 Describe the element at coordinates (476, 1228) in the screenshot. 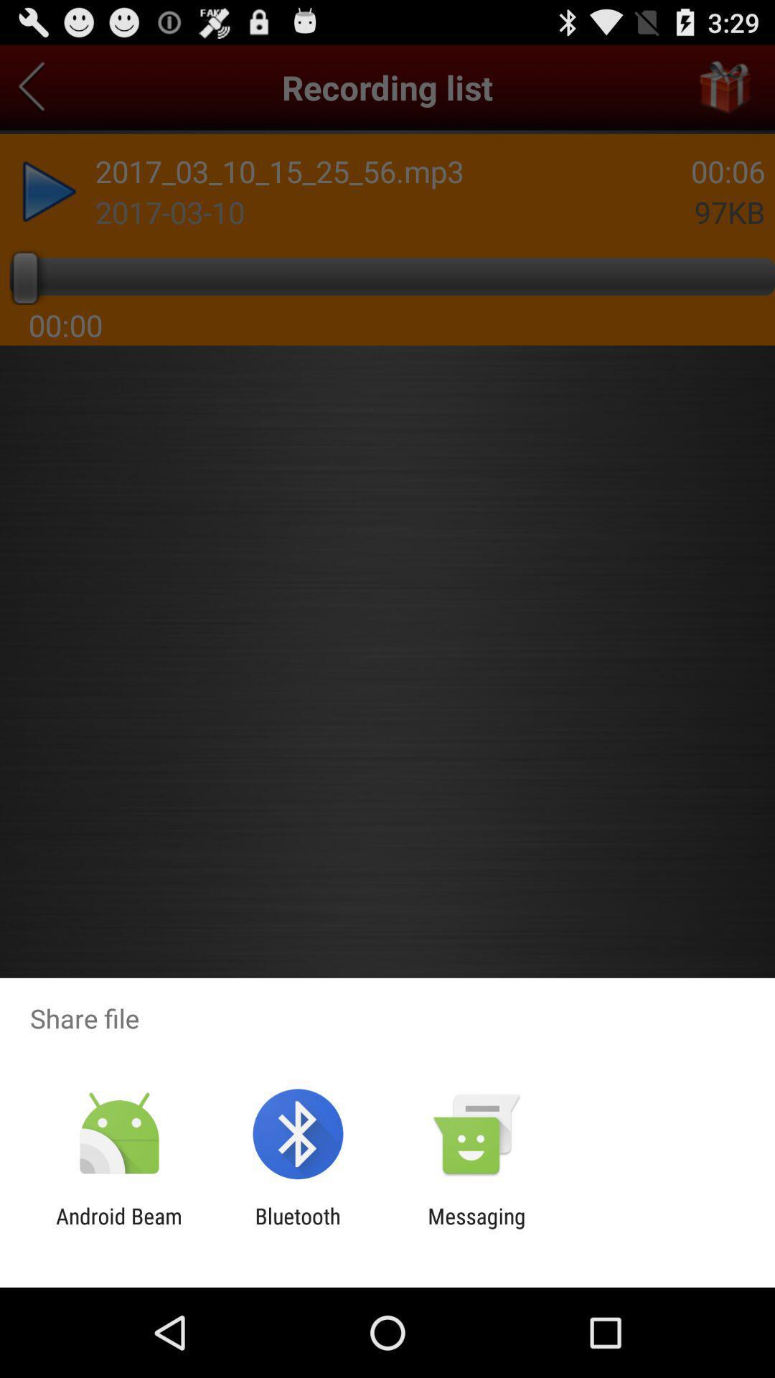

I see `the item next to bluetooth` at that location.